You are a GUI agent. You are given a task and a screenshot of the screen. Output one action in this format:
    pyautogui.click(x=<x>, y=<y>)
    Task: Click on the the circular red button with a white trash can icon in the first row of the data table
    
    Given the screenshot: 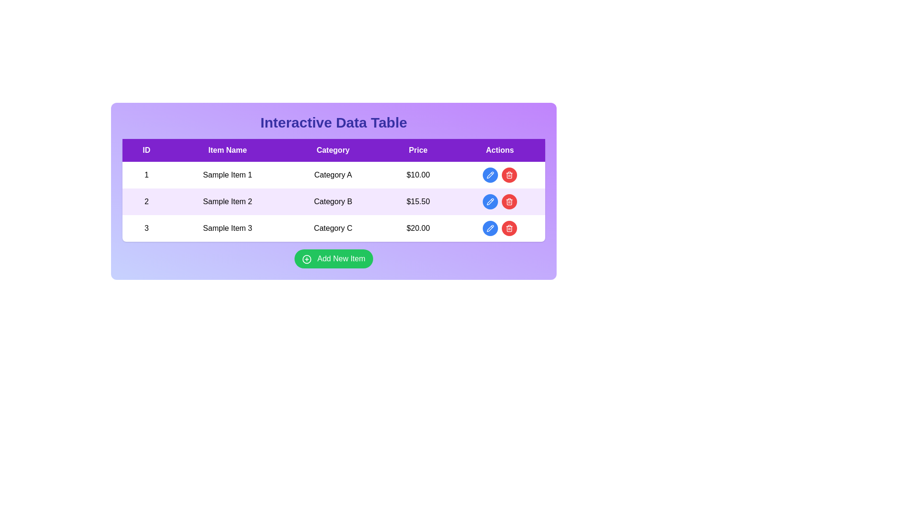 What is the action you would take?
    pyautogui.click(x=509, y=175)
    